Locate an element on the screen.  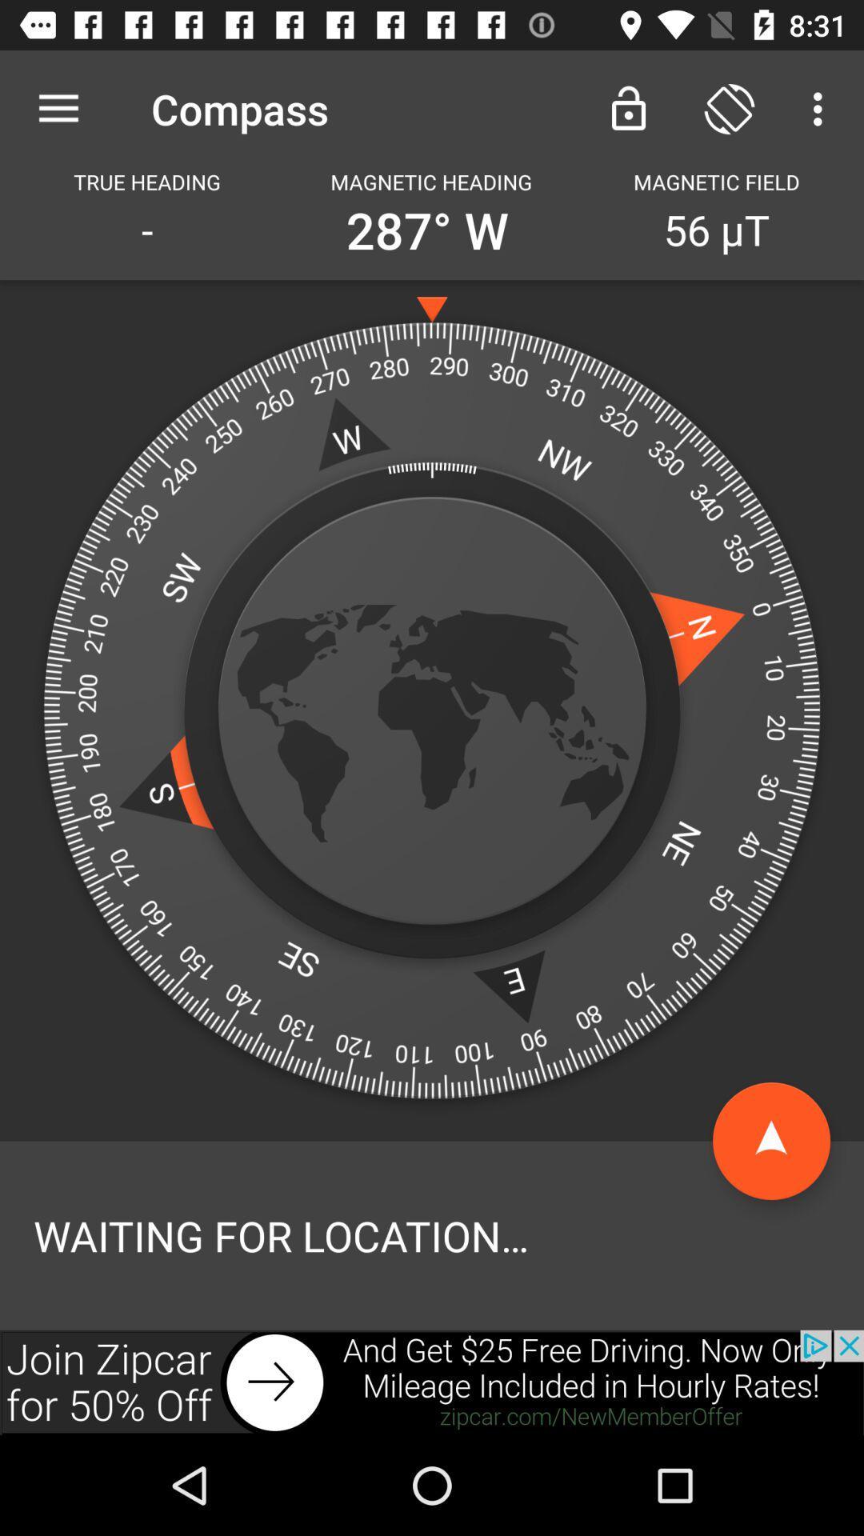
click on advertisement is located at coordinates (432, 1382).